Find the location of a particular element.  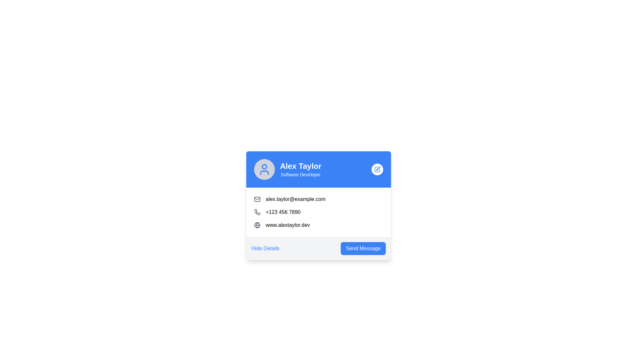

the 'Edit' icon button located in the top-right corner of the profile card to initiate the edit action is located at coordinates (377, 169).